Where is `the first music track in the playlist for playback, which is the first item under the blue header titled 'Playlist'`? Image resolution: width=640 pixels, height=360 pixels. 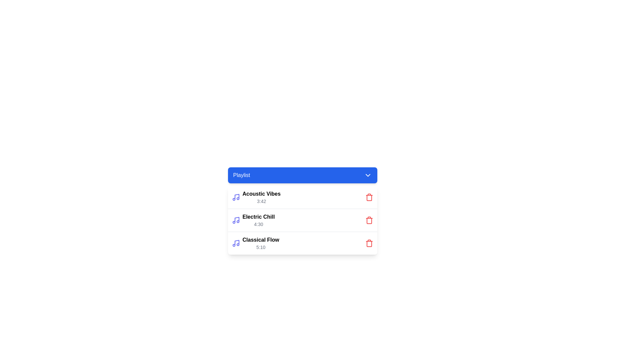
the first music track in the playlist for playback, which is the first item under the blue header titled 'Playlist' is located at coordinates (302, 197).